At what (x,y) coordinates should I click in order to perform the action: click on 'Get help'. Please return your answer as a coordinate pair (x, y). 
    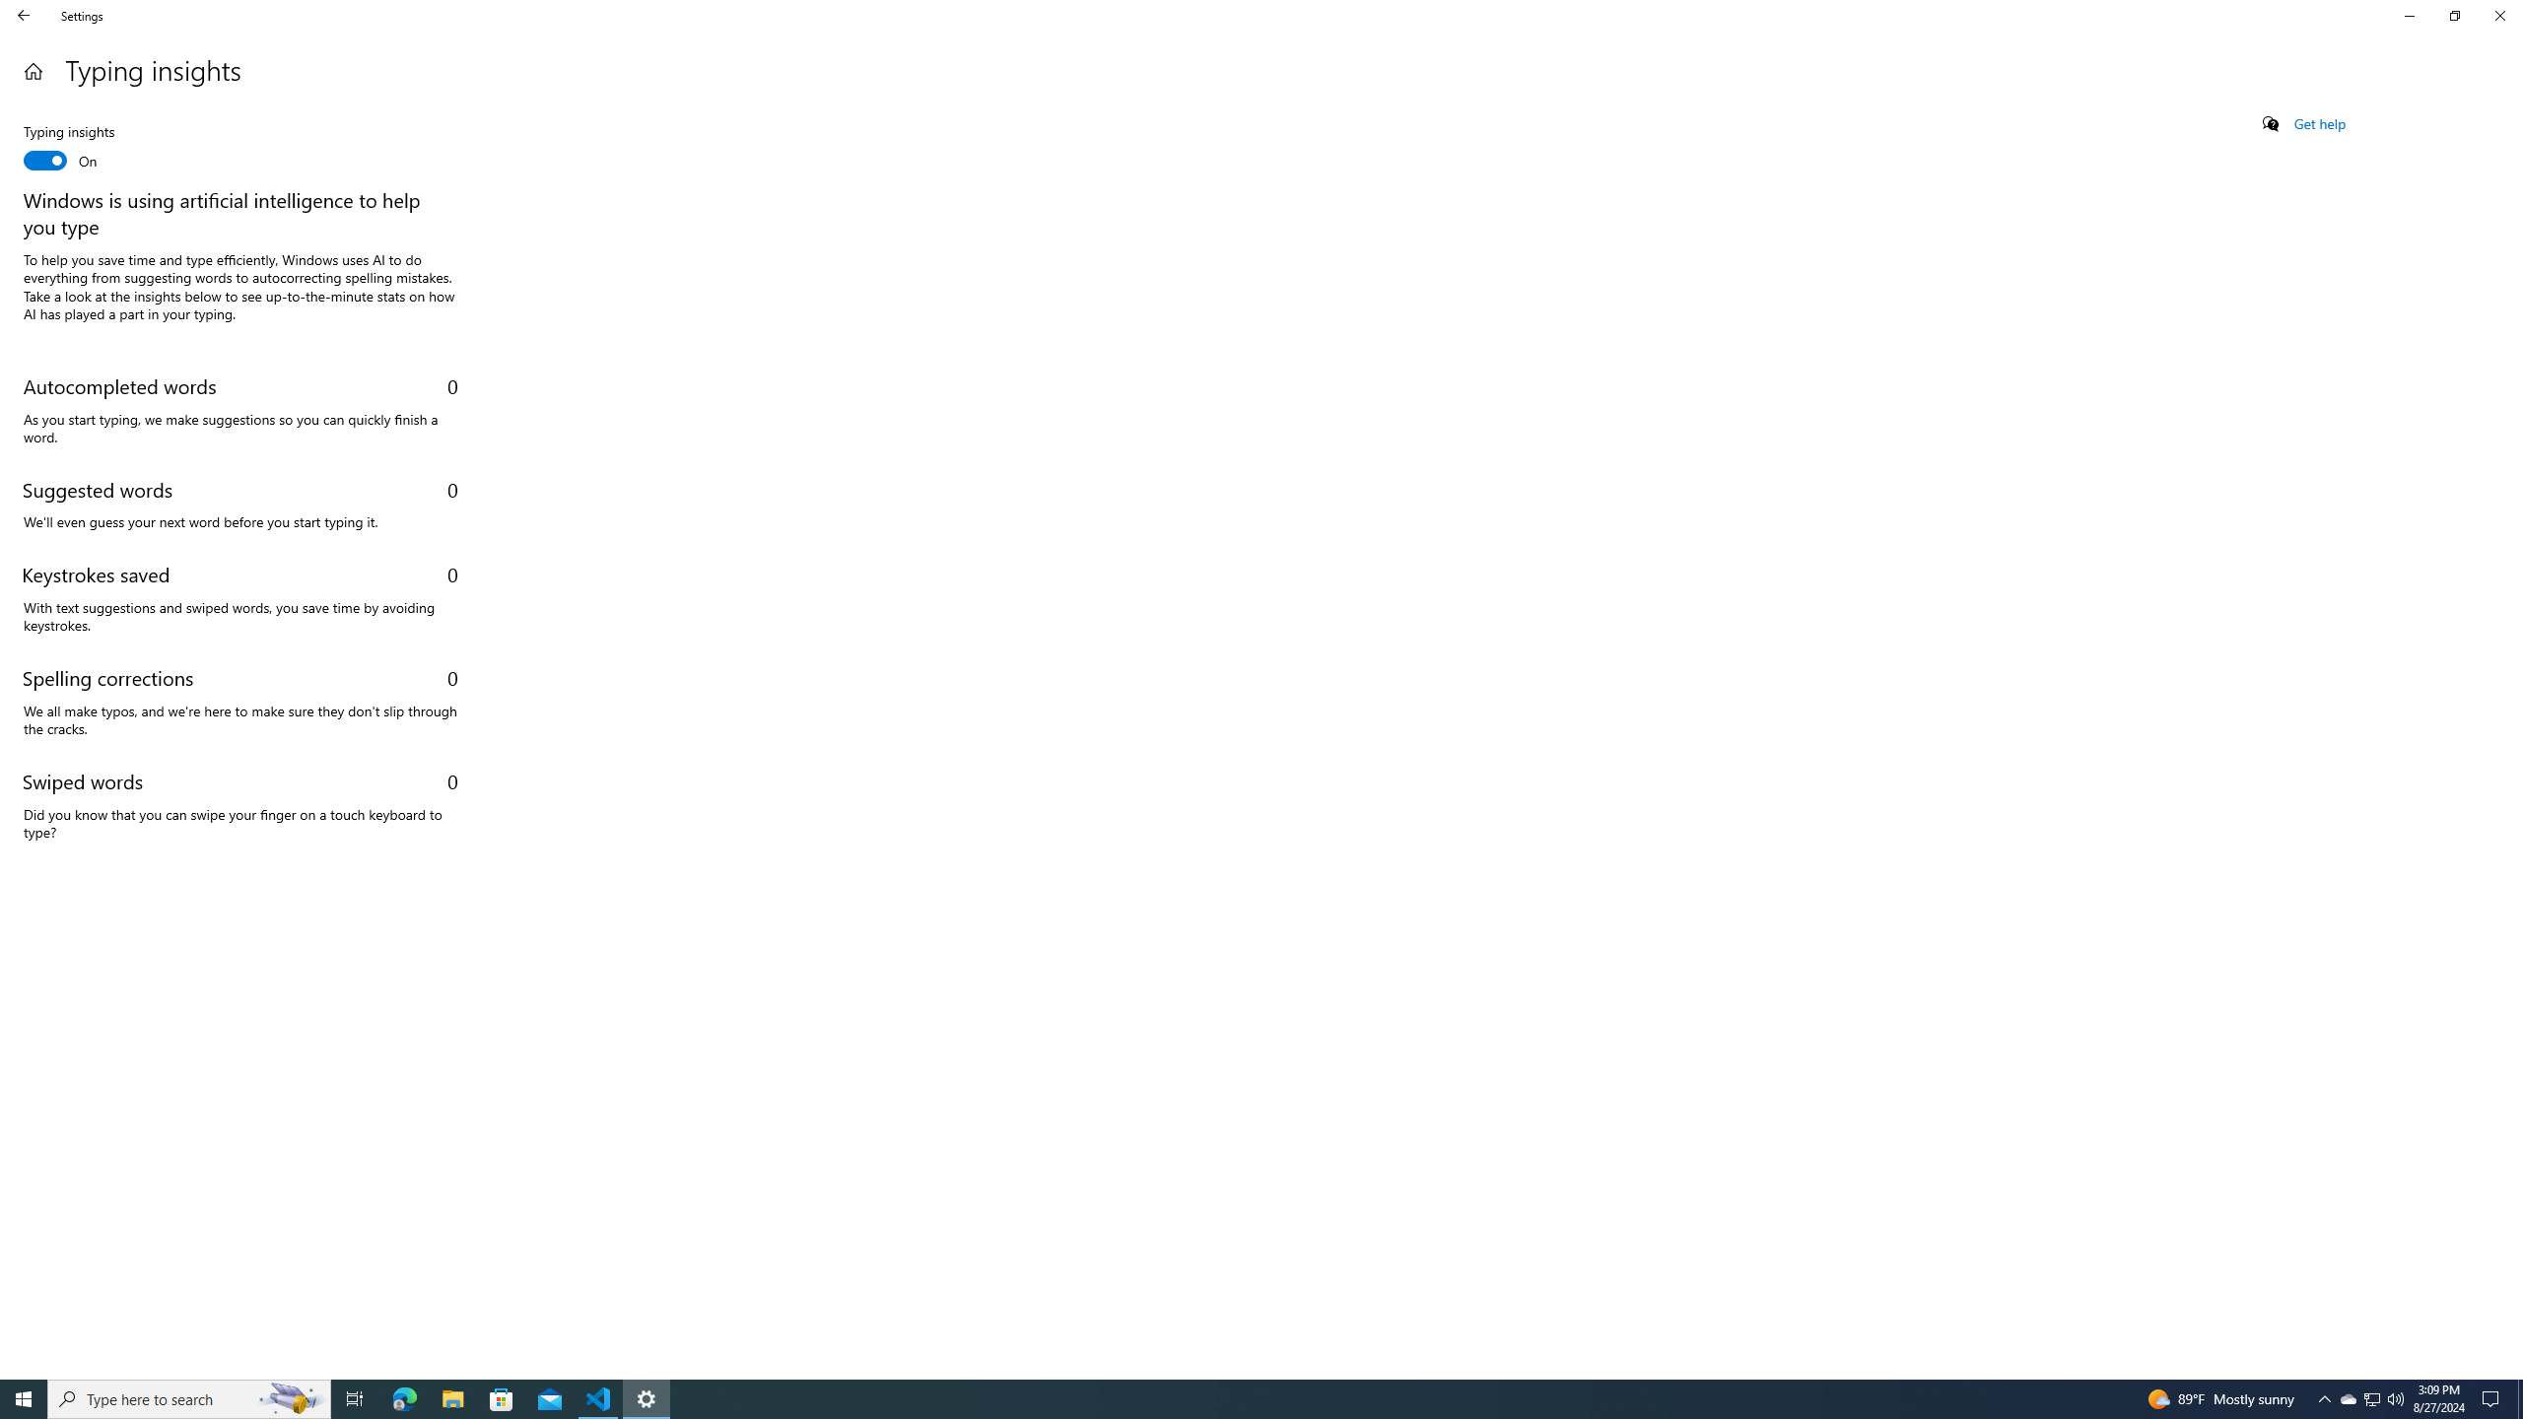
    Looking at the image, I should click on (2318, 123).